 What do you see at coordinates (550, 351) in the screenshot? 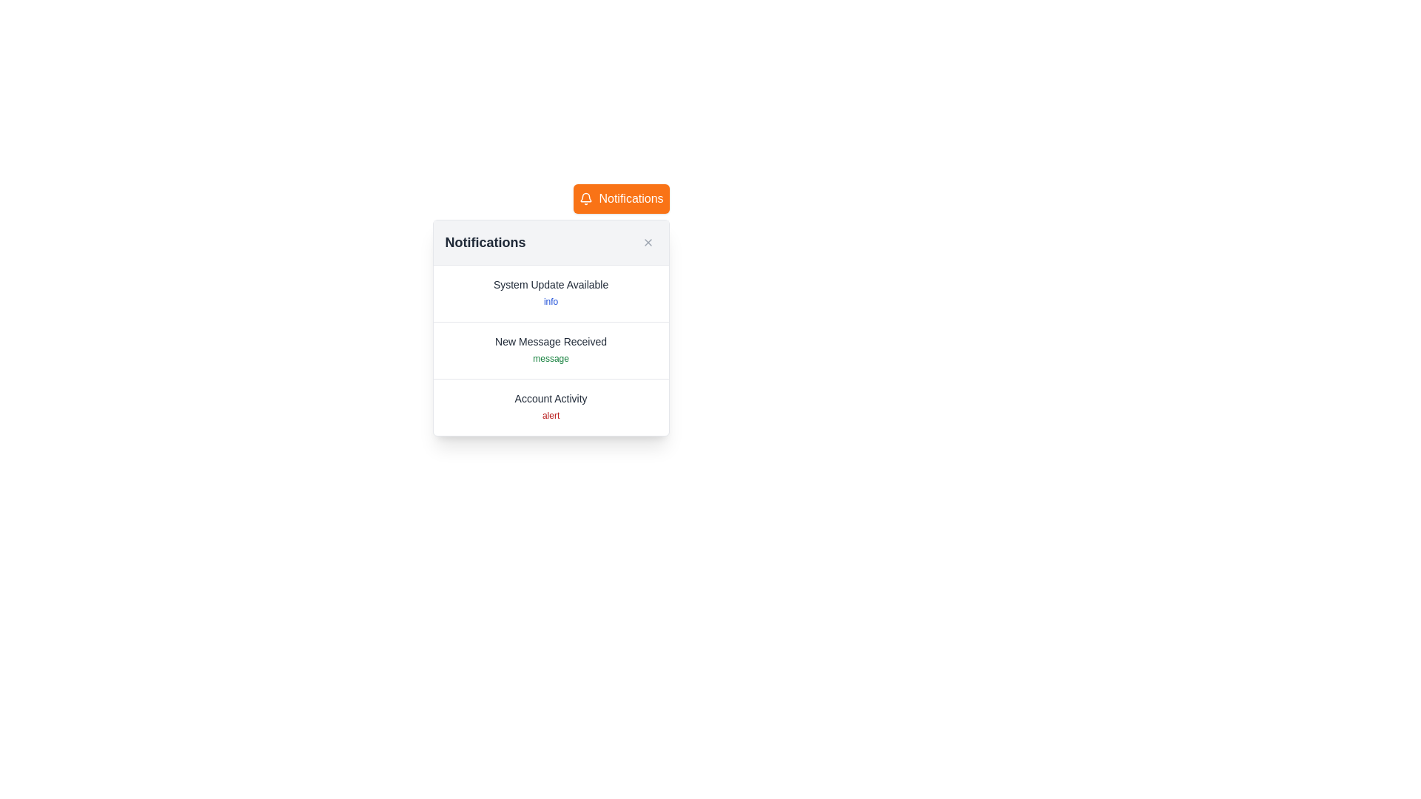
I see `the second notification item in the 'Notifications' dropdown, which informs the user about a new message received` at bounding box center [550, 351].